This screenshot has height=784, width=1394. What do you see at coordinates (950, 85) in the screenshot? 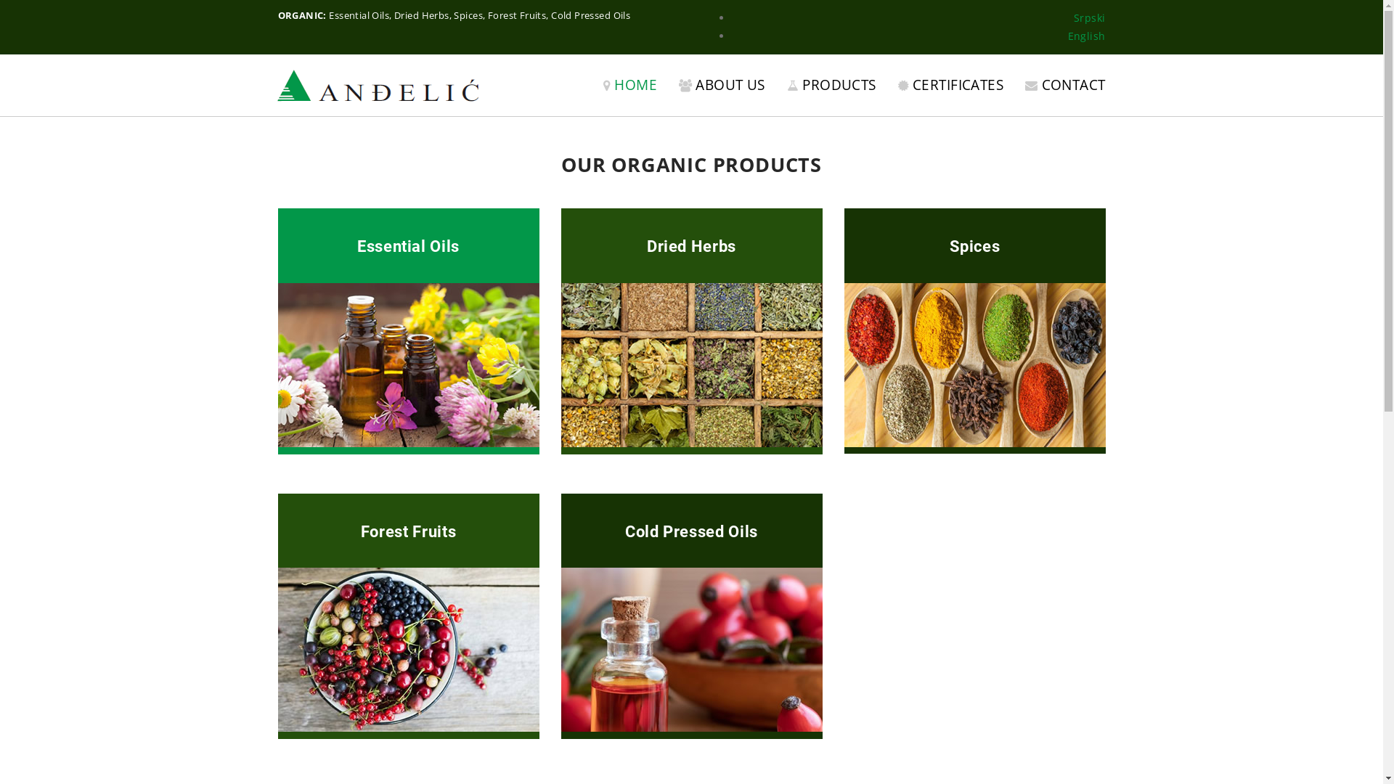
I see `'CERTIFICATES'` at bounding box center [950, 85].